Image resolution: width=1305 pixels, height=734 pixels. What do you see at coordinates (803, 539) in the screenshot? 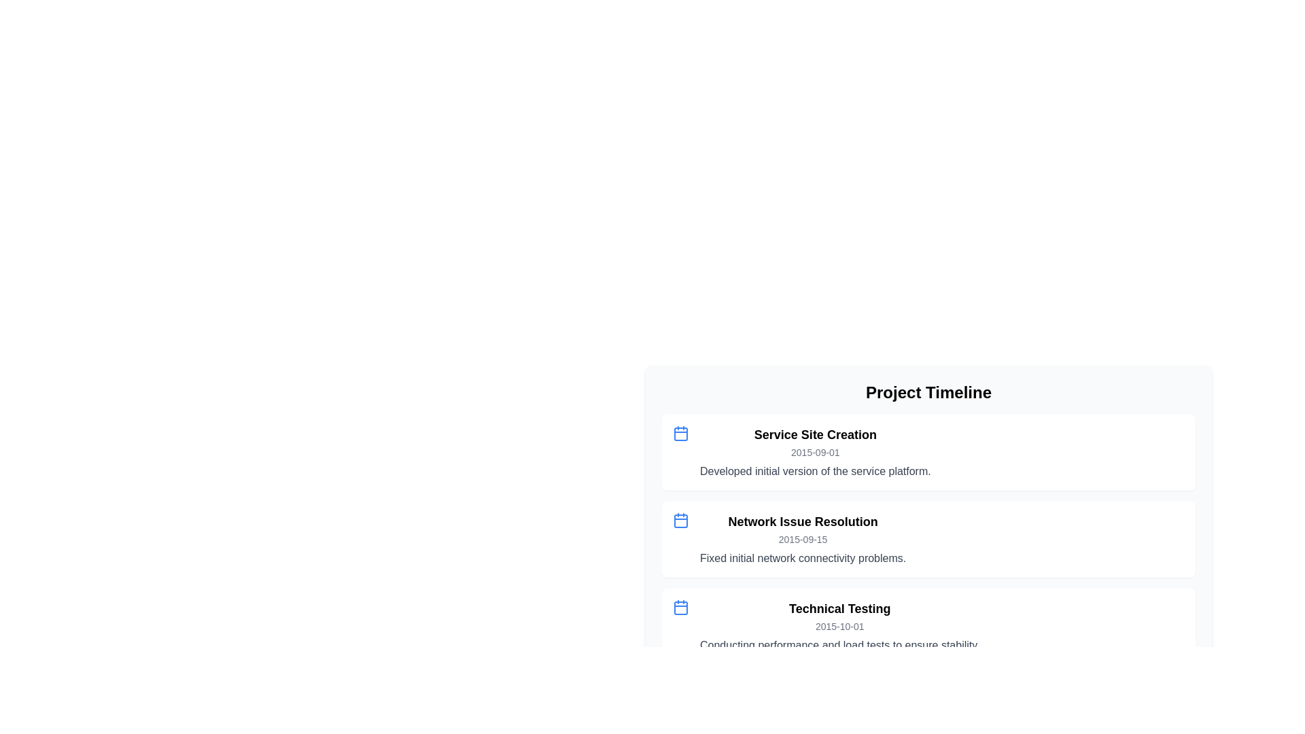
I see `the Informational text block that provides details about a specific event in the project timeline, located between 'Service Site Creation' and 'Technical Testing'` at bounding box center [803, 539].